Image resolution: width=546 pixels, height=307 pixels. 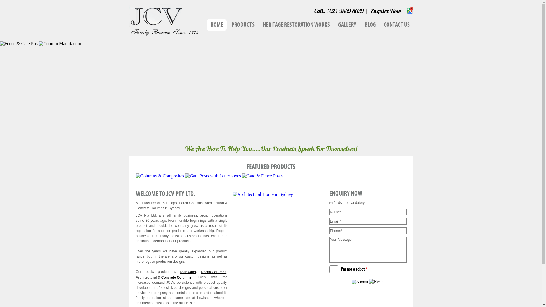 I want to click on 'email', so click(x=329, y=221).